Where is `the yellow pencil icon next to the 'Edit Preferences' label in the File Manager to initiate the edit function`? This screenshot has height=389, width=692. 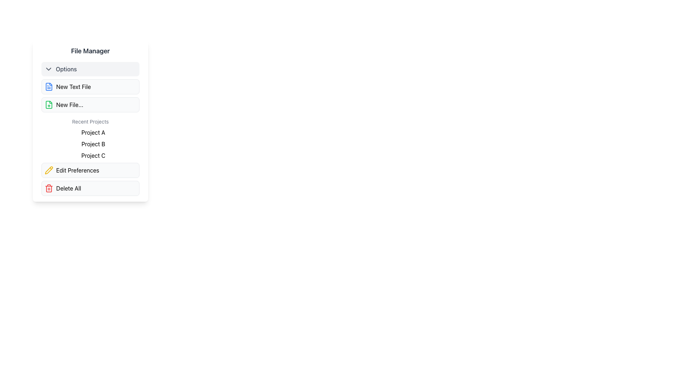 the yellow pencil icon next to the 'Edit Preferences' label in the File Manager to initiate the edit function is located at coordinates (48, 170).